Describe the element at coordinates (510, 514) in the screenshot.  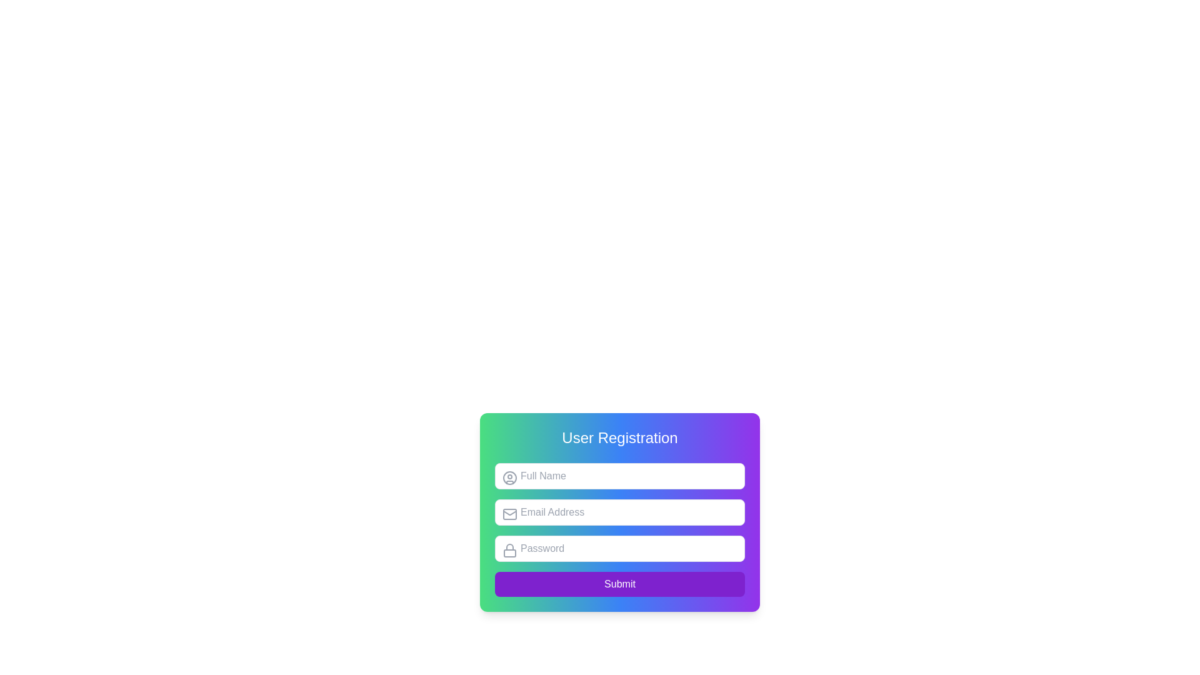
I see `the small rectangular graphic with rounded corners that represents the envelope icon in the 'User Registration' form, located above the 'Email Address' text field` at that location.